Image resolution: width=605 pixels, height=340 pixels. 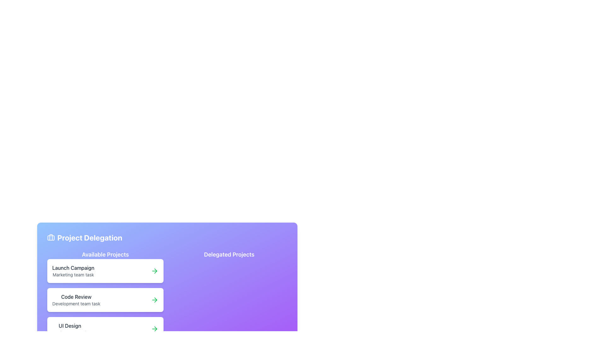 I want to click on the green arrow icon button located at the far right of the 'Launch Campaign' card, which is the first item in the list under 'Available Projects', so click(x=154, y=270).